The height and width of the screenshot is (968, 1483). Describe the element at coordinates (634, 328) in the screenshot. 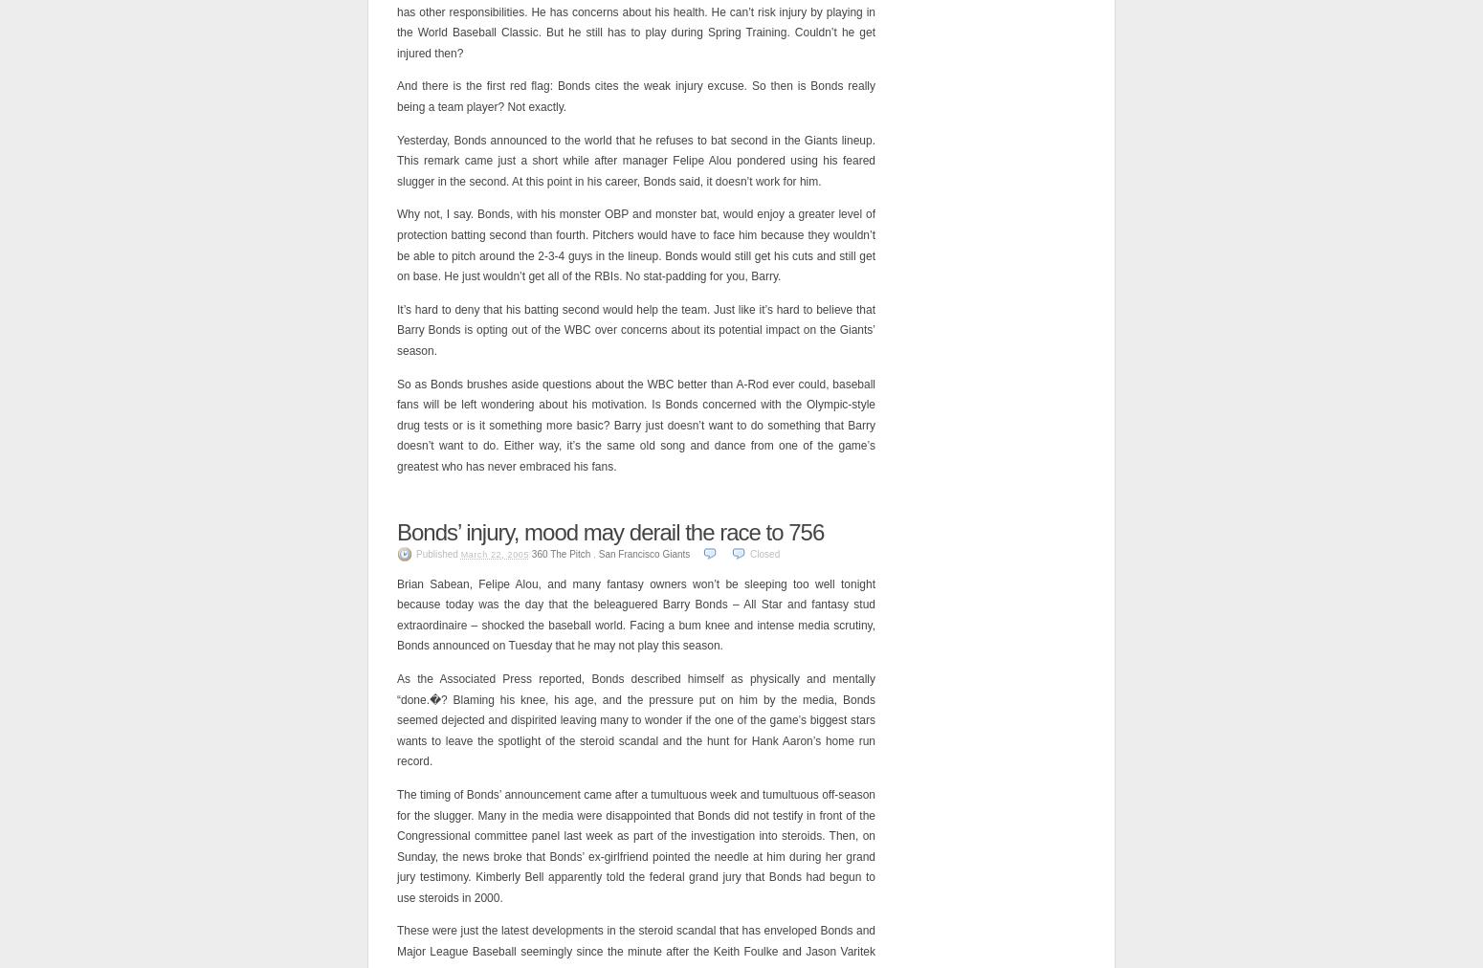

I see `'It’s hard to deny that his batting second would help the team. Just like it’s hard to believe that Barry Bonds is opting out of the WBC over concerns about its potential impact on the Giants’ season.'` at that location.